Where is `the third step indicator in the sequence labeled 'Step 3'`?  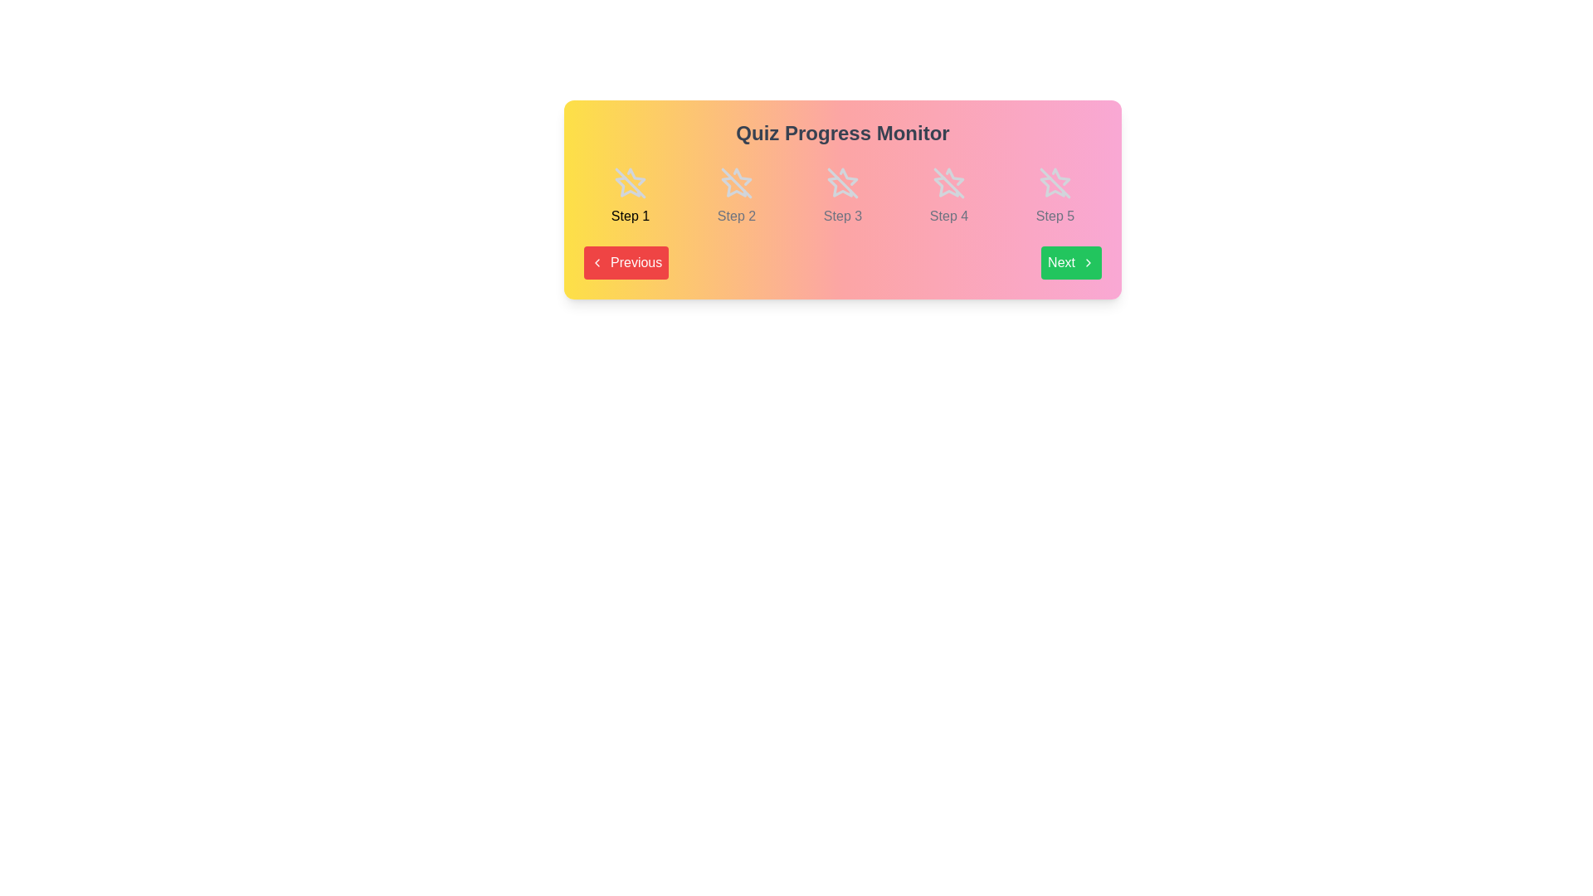 the third step indicator in the sequence labeled 'Step 3' is located at coordinates (843, 195).